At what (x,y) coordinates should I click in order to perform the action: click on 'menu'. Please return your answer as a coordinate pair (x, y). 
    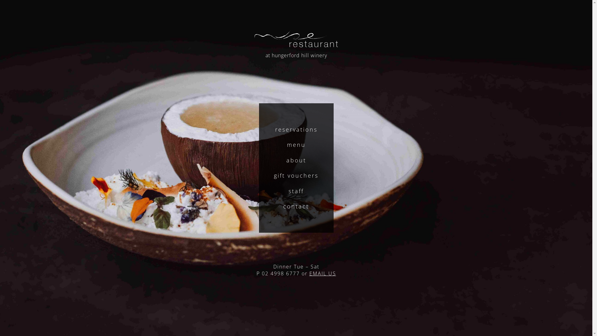
    Looking at the image, I should click on (295, 145).